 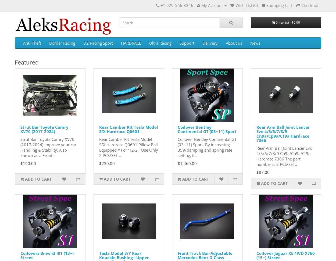 I want to click on 'Featured', so click(x=15, y=62).